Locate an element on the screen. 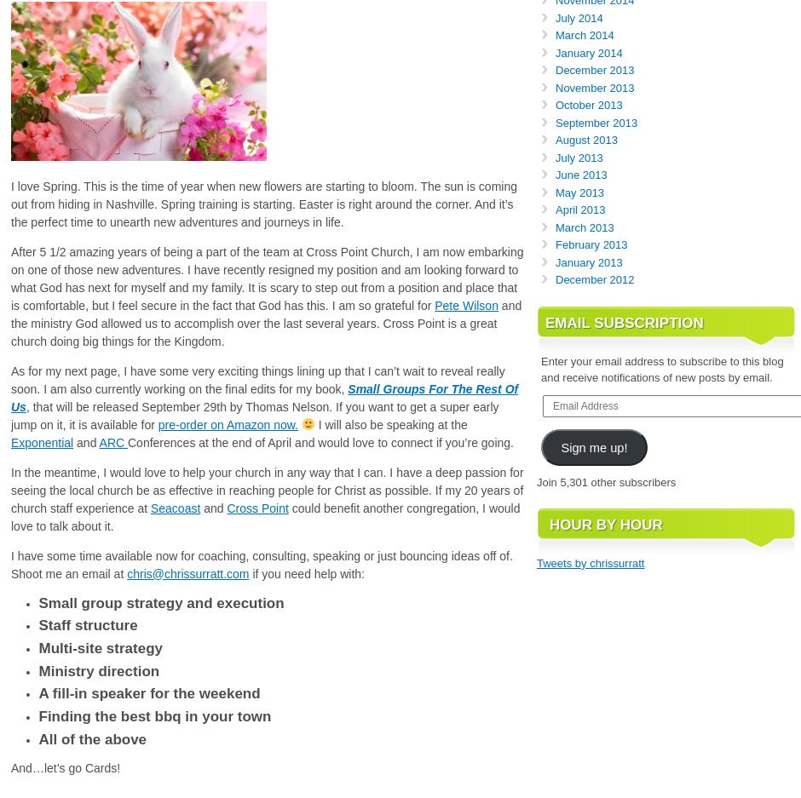 The image size is (801, 798). 'Enter your email address to subscribe to this blog and receive notifications of new posts by email.' is located at coordinates (661, 368).